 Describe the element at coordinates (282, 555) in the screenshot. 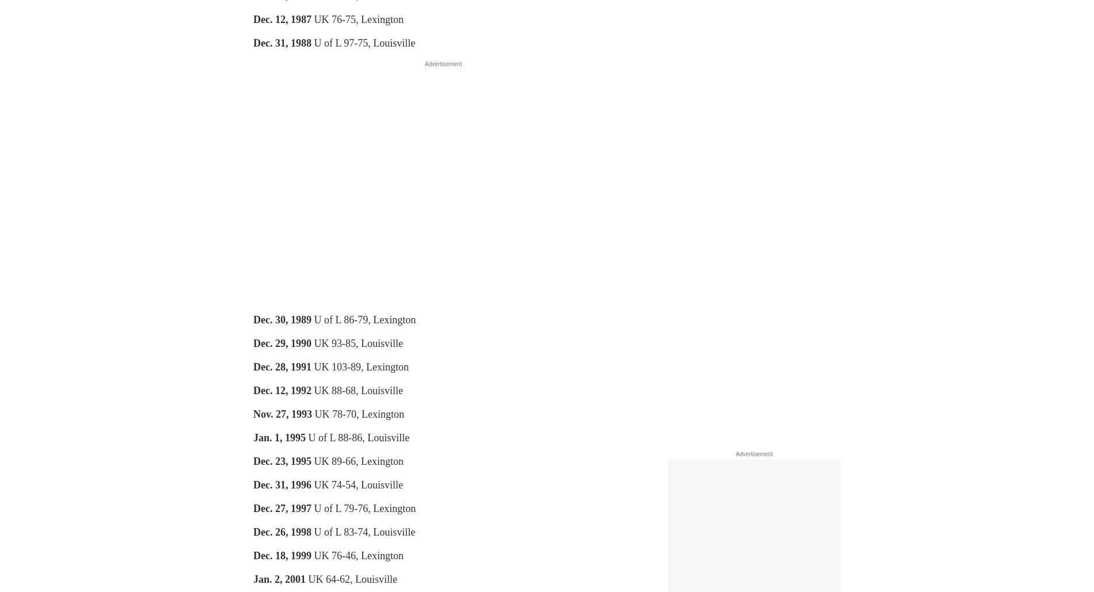

I see `'Dec. 18, 1999'` at that location.